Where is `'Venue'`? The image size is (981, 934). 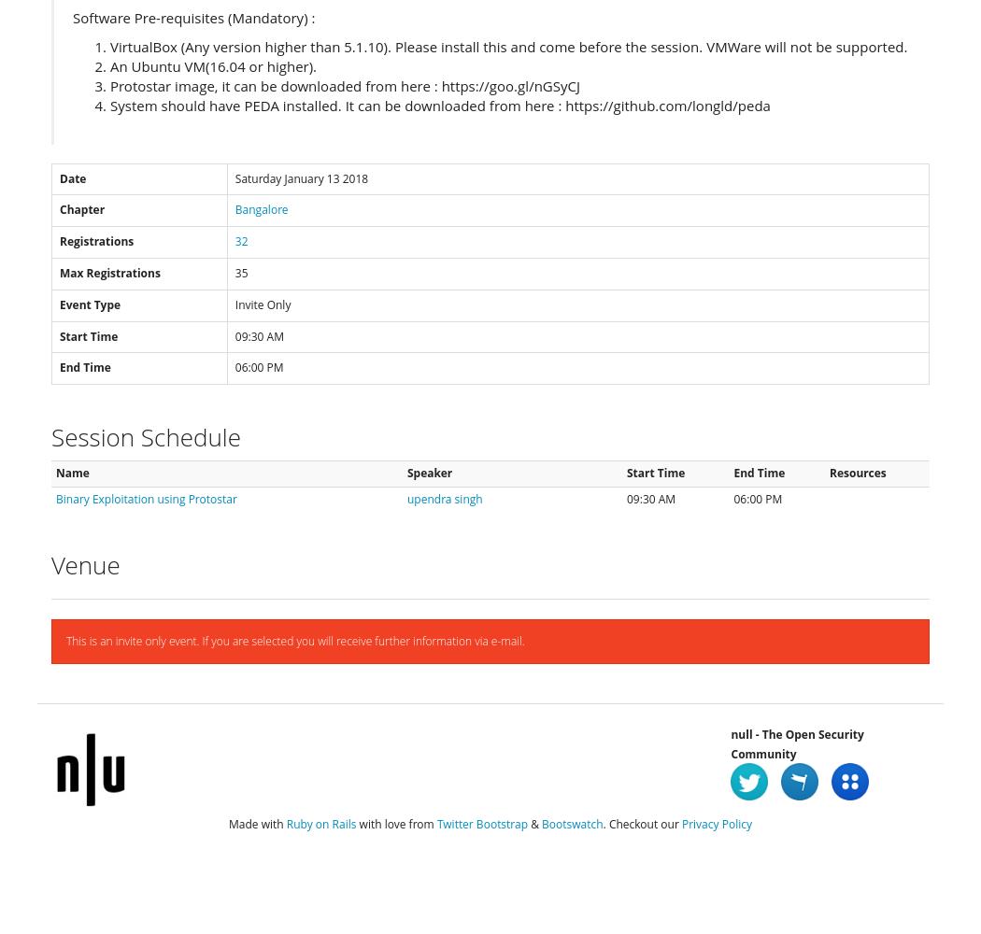 'Venue' is located at coordinates (50, 563).